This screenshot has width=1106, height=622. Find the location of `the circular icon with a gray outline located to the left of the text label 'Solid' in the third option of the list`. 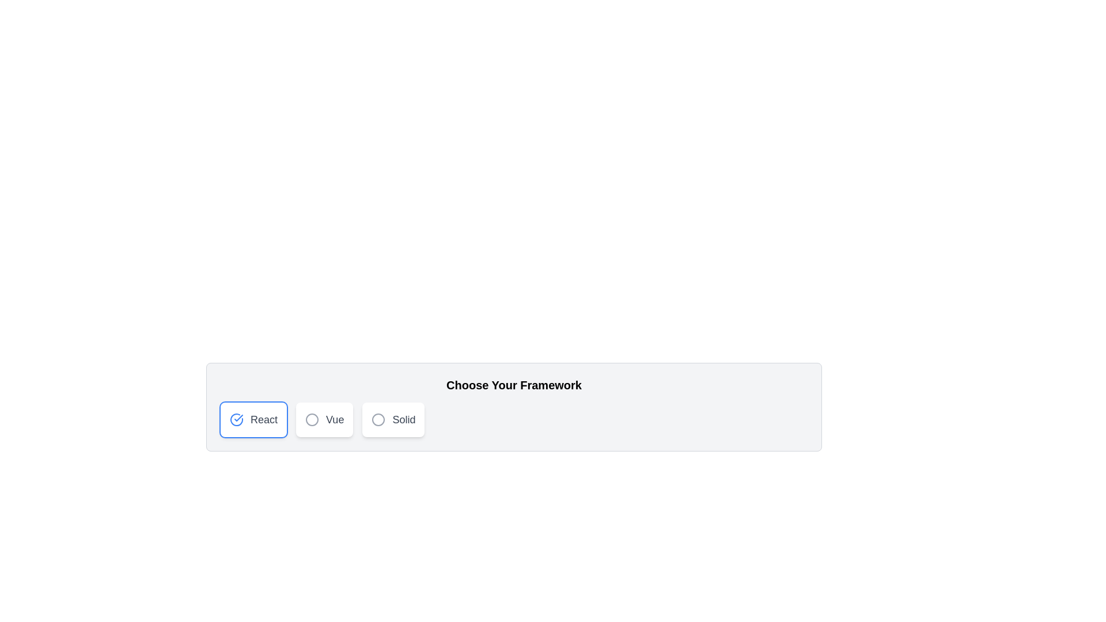

the circular icon with a gray outline located to the left of the text label 'Solid' in the third option of the list is located at coordinates (378, 420).